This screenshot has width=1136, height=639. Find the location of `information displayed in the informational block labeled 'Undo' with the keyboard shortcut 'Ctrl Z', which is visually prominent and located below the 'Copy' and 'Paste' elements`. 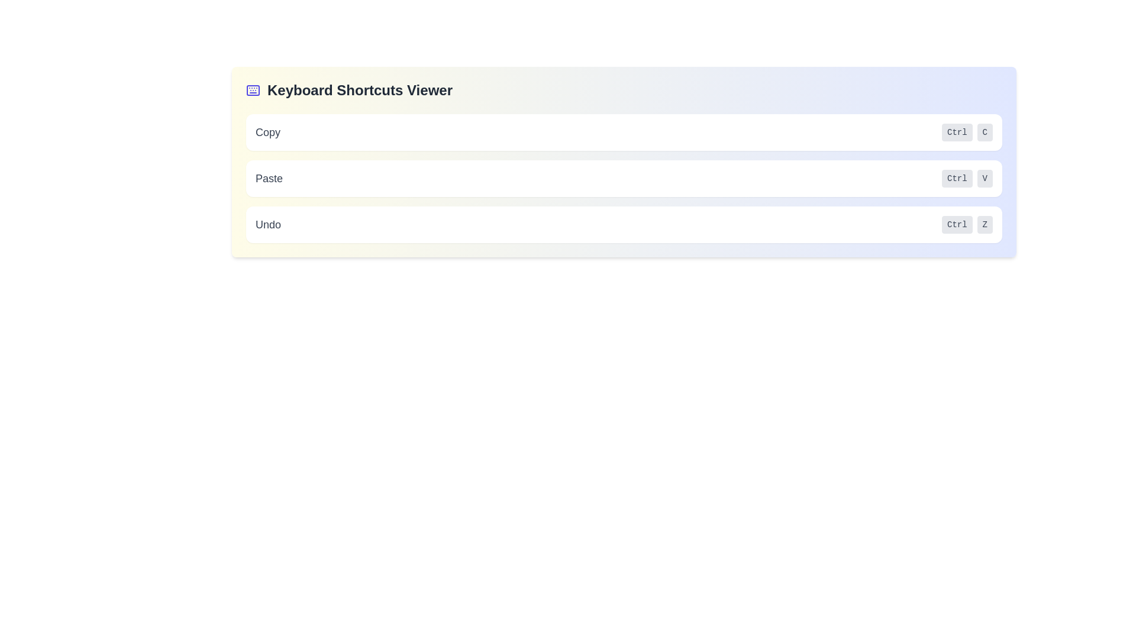

information displayed in the informational block labeled 'Undo' with the keyboard shortcut 'Ctrl Z', which is visually prominent and located below the 'Copy' and 'Paste' elements is located at coordinates (624, 225).